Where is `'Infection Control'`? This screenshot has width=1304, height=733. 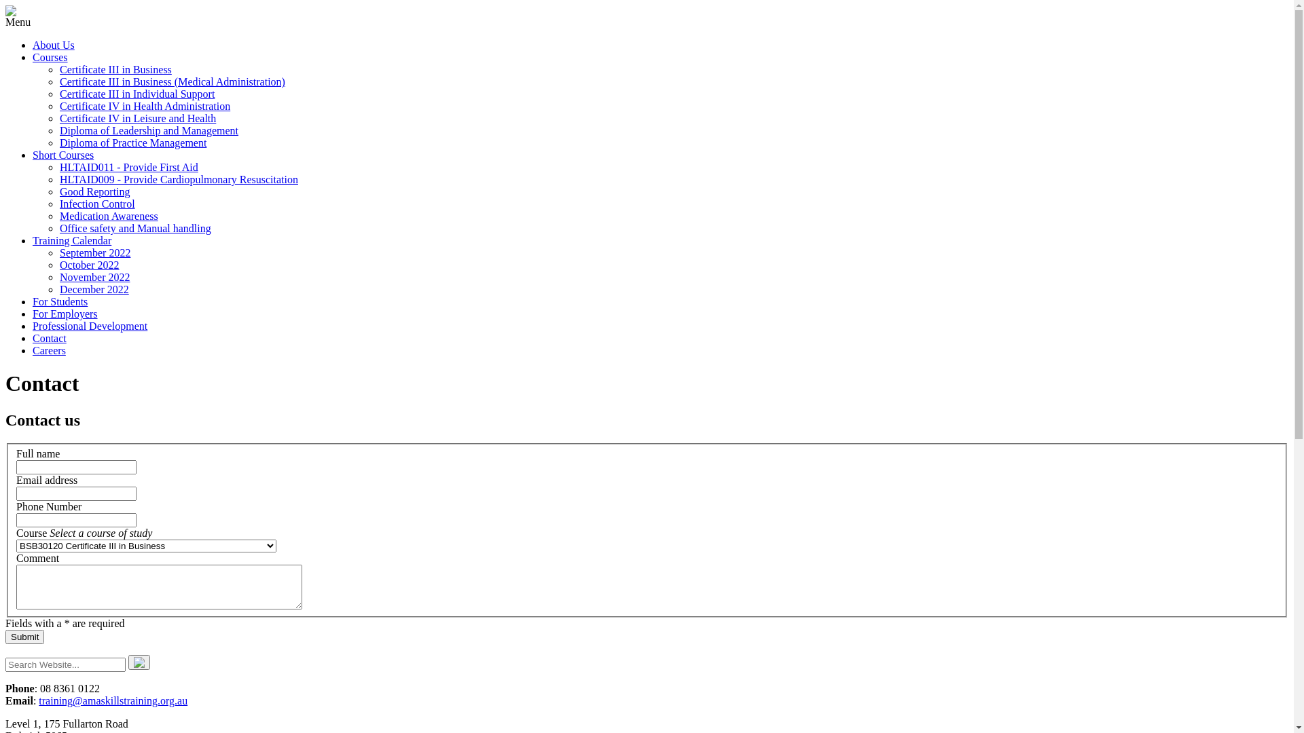 'Infection Control' is located at coordinates (96, 204).